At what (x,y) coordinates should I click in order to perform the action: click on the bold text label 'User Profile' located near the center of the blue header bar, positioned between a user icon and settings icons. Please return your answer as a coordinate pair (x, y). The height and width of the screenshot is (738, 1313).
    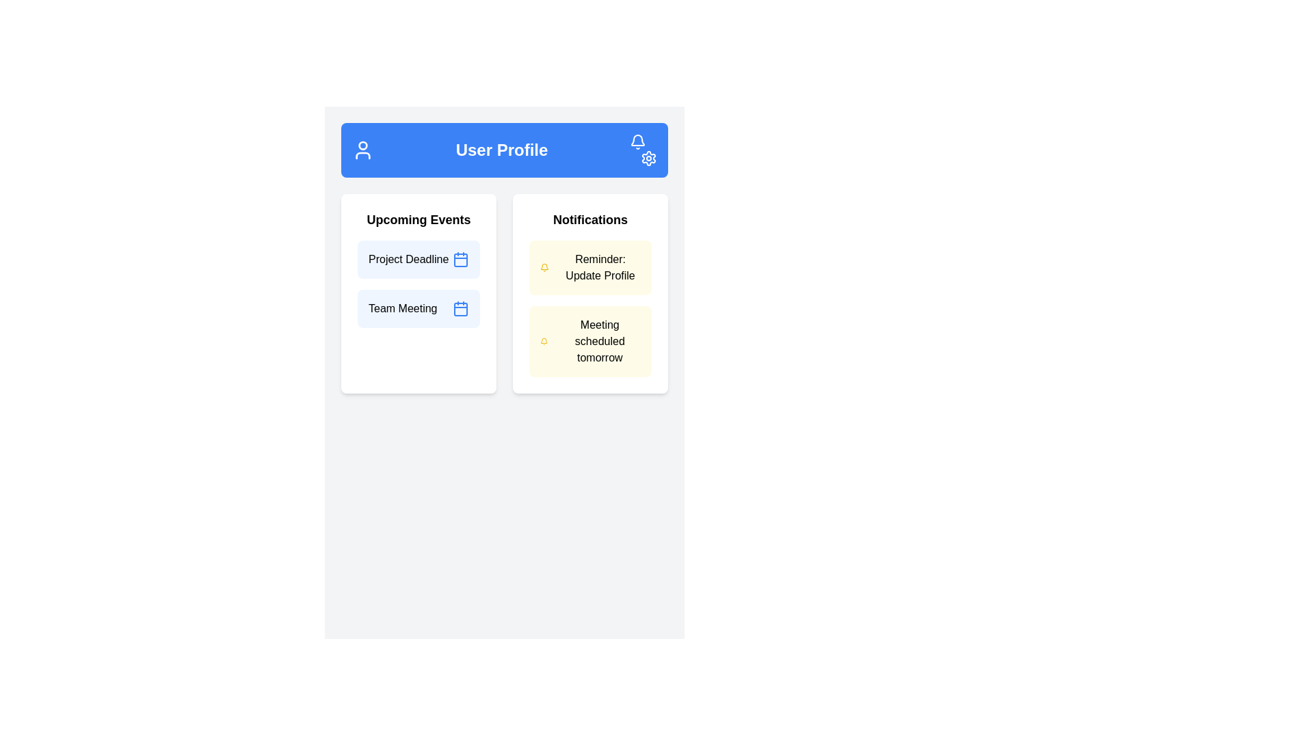
    Looking at the image, I should click on (501, 150).